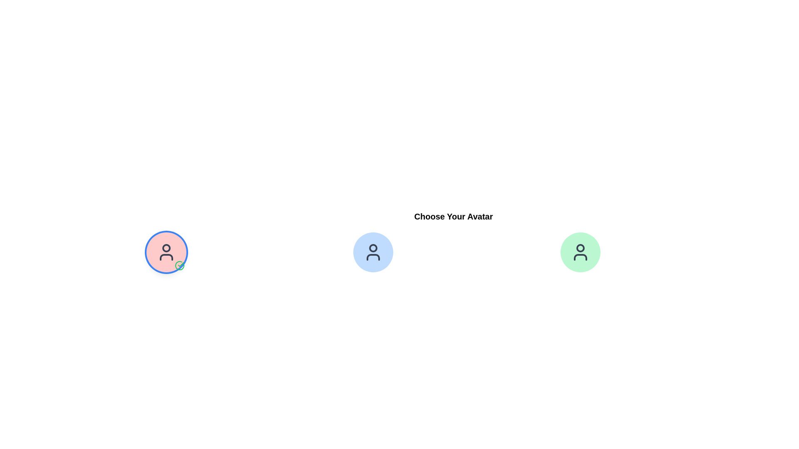  I want to click on the circular avatar with a green background and a gray person icon, which is located below the text 'Choose Your Avatar' as the third option in the grid, so click(580, 252).